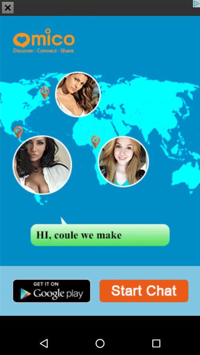 The width and height of the screenshot is (200, 355). Describe the element at coordinates (7, 8) in the screenshot. I see `the close icon` at that location.